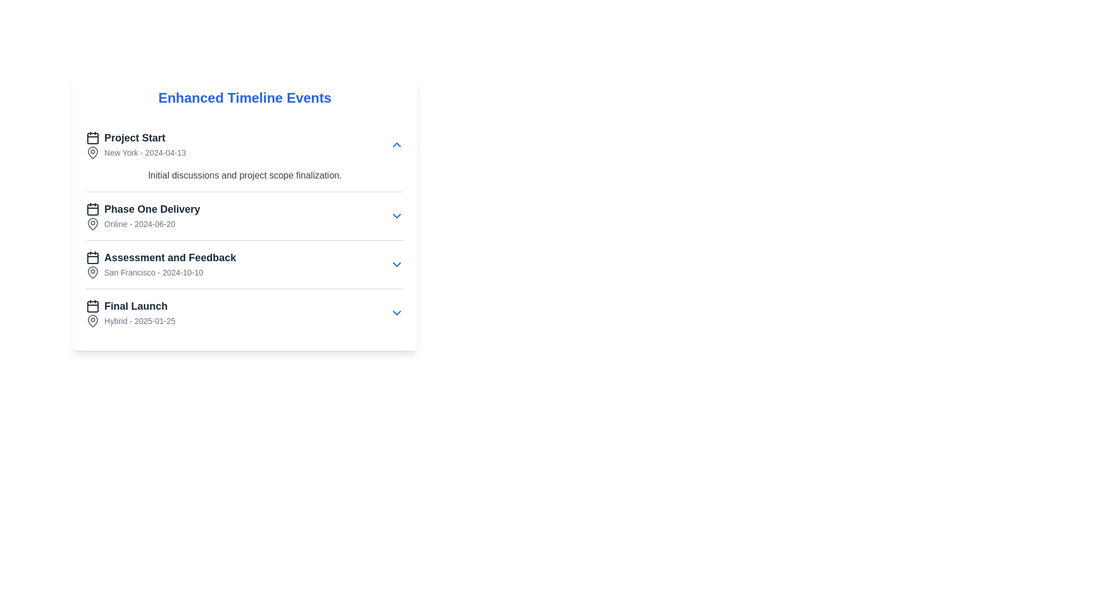 The height and width of the screenshot is (616, 1095). Describe the element at coordinates (244, 313) in the screenshot. I see `the fourth entry in the 'Enhanced Timeline Events' list, which contains an event name, location, and date` at that location.